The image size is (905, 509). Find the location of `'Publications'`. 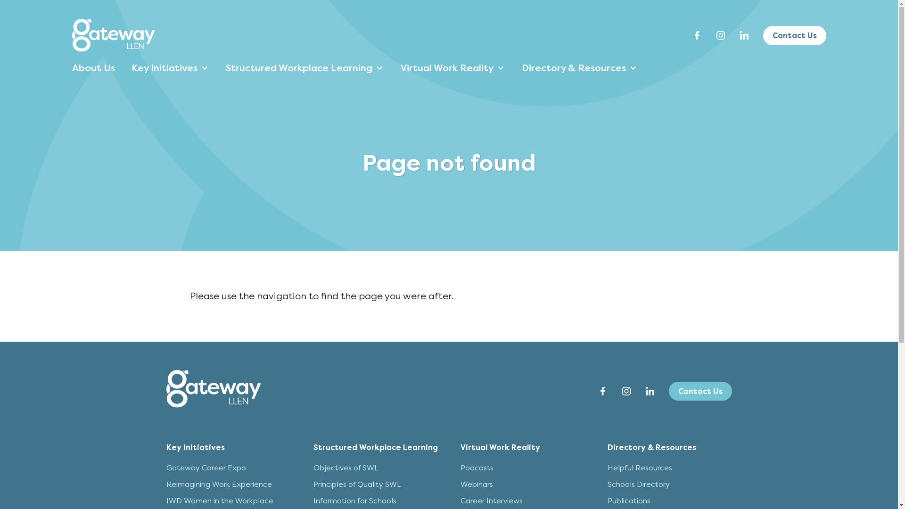

'Publications' is located at coordinates (607, 500).